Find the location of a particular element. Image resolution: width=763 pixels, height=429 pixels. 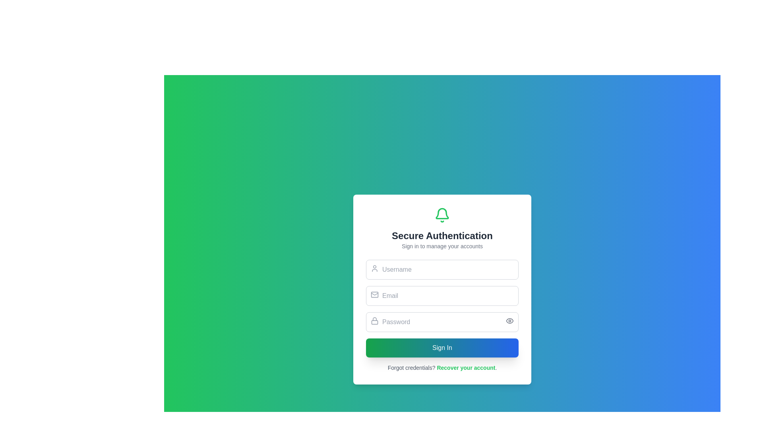

the recovery link located at the bottom of the centered form interface, which is directly below the 'Sign In' button is located at coordinates (442, 367).